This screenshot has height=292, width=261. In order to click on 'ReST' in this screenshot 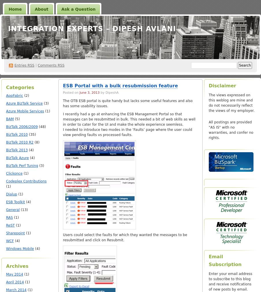, I will do `click(10, 225)`.